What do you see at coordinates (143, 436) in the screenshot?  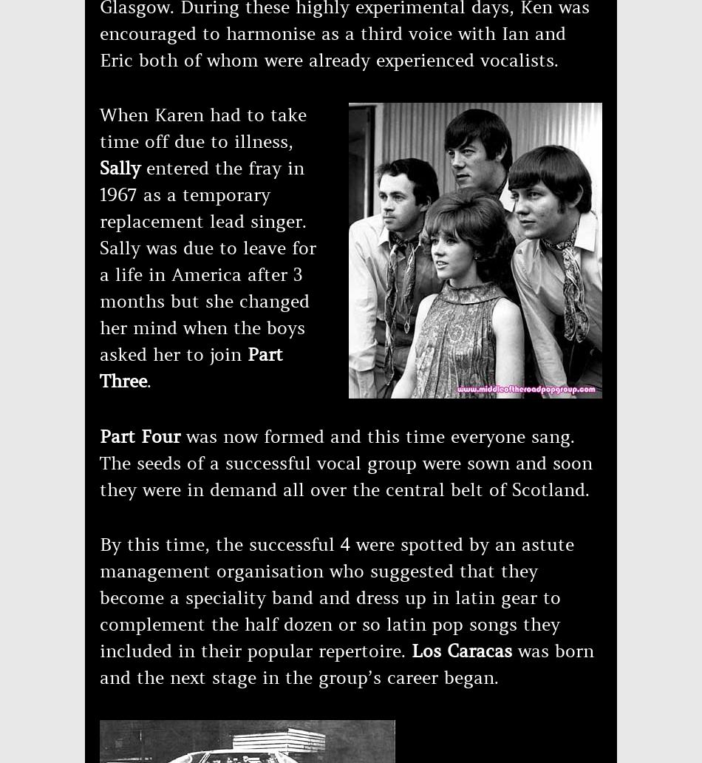 I see `'Part Four'` at bounding box center [143, 436].